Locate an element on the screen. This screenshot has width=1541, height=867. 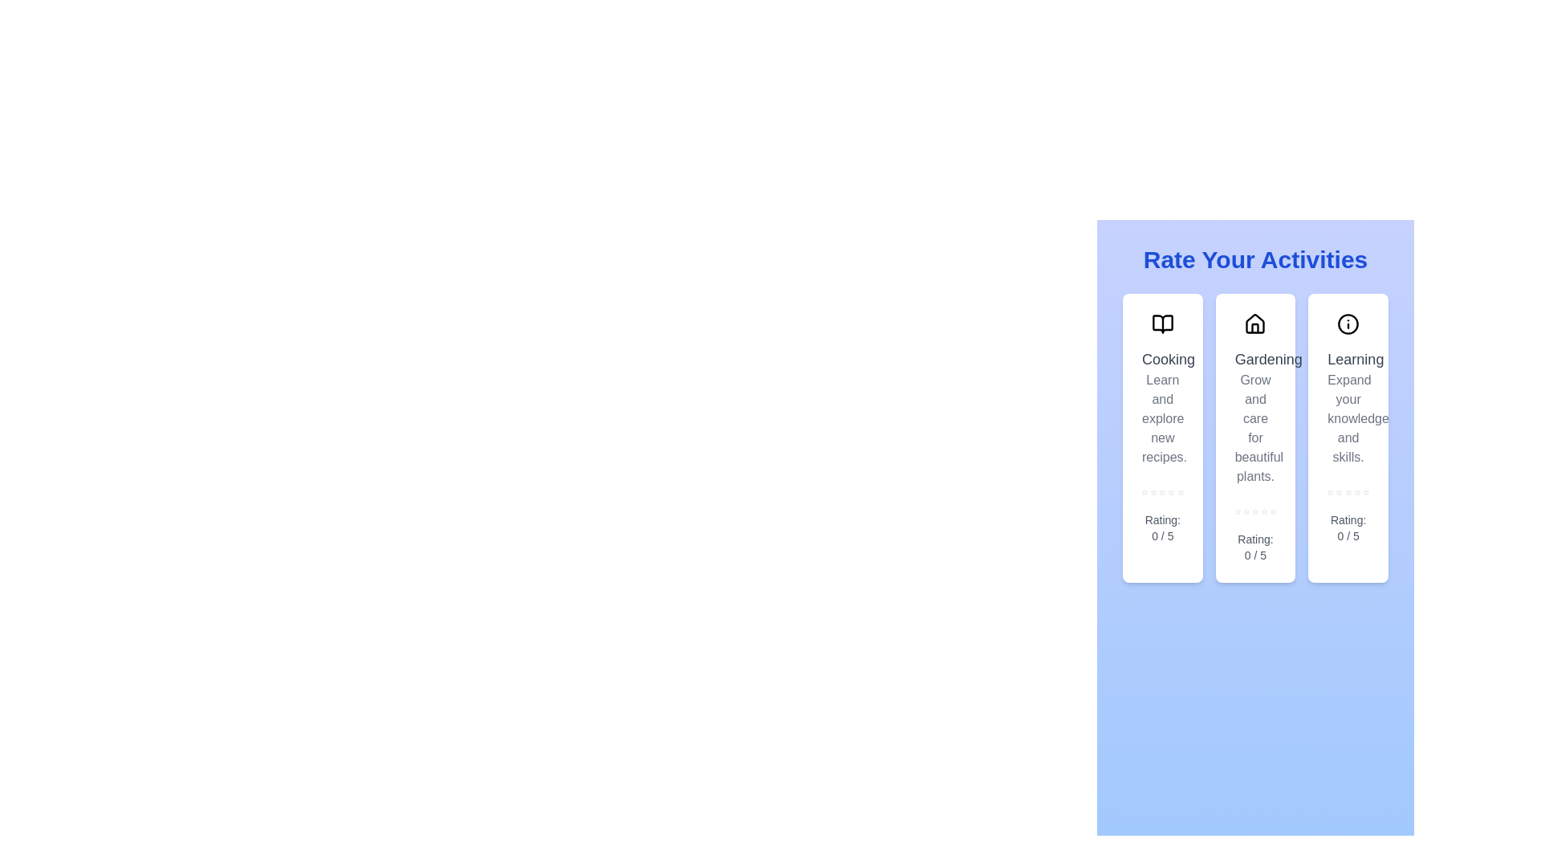
the rating for an activity to 1 stars is located at coordinates (1143, 491).